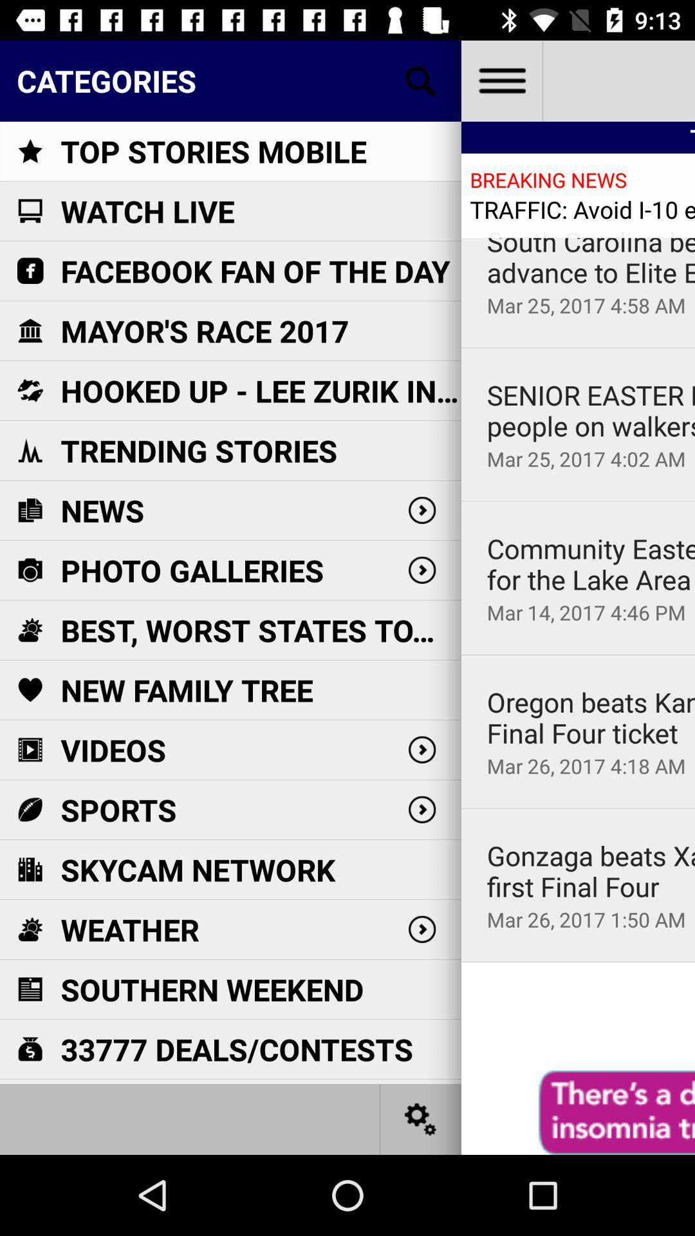  Describe the element at coordinates (421, 1118) in the screenshot. I see `the settings icon` at that location.